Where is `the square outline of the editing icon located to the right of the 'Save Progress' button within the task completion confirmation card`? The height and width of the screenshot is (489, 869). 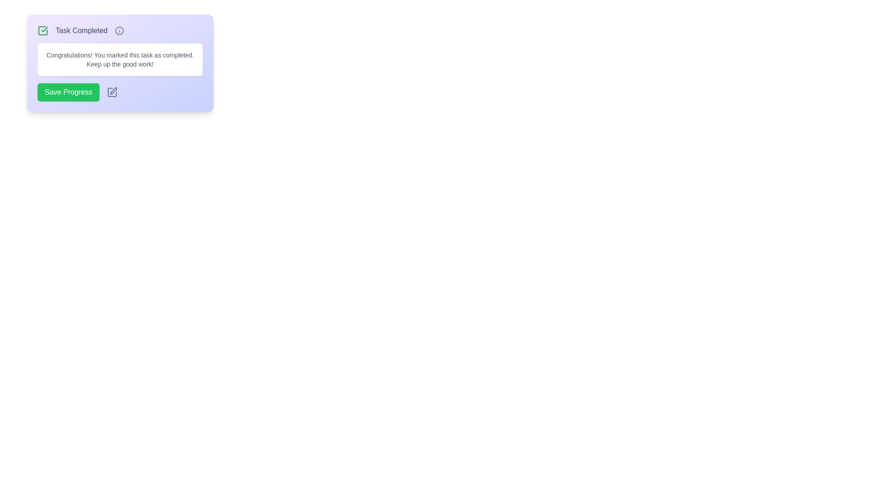 the square outline of the editing icon located to the right of the 'Save Progress' button within the task completion confirmation card is located at coordinates (111, 92).